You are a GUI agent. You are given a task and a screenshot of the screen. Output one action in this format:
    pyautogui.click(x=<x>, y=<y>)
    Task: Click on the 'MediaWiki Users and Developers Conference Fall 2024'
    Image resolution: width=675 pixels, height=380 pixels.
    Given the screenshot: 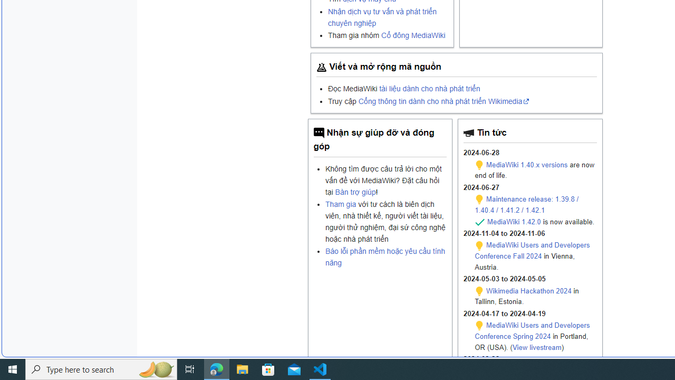 What is the action you would take?
    pyautogui.click(x=532, y=251)
    